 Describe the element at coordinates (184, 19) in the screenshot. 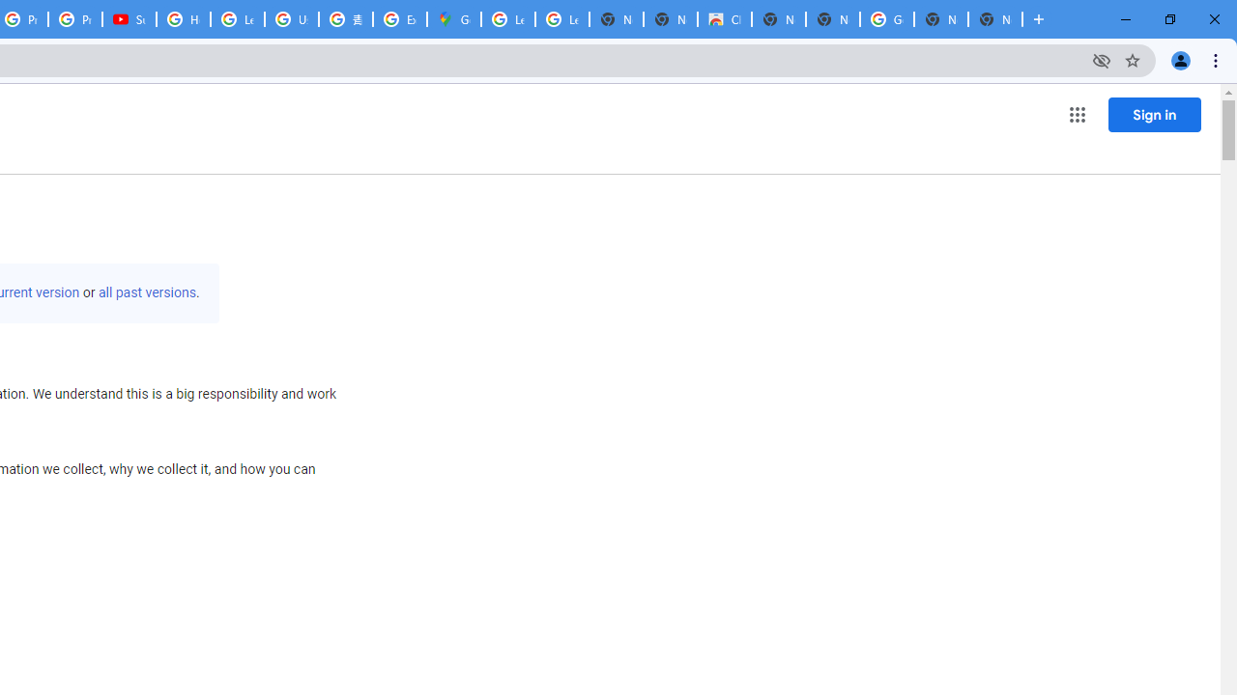

I see `'How Chrome protects your passwords - Google Chrome Help'` at that location.